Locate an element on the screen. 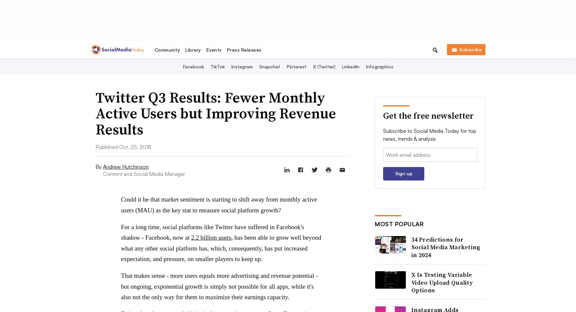 The width and height of the screenshot is (576, 312). 'SMT Experts' is located at coordinates (282, 48).